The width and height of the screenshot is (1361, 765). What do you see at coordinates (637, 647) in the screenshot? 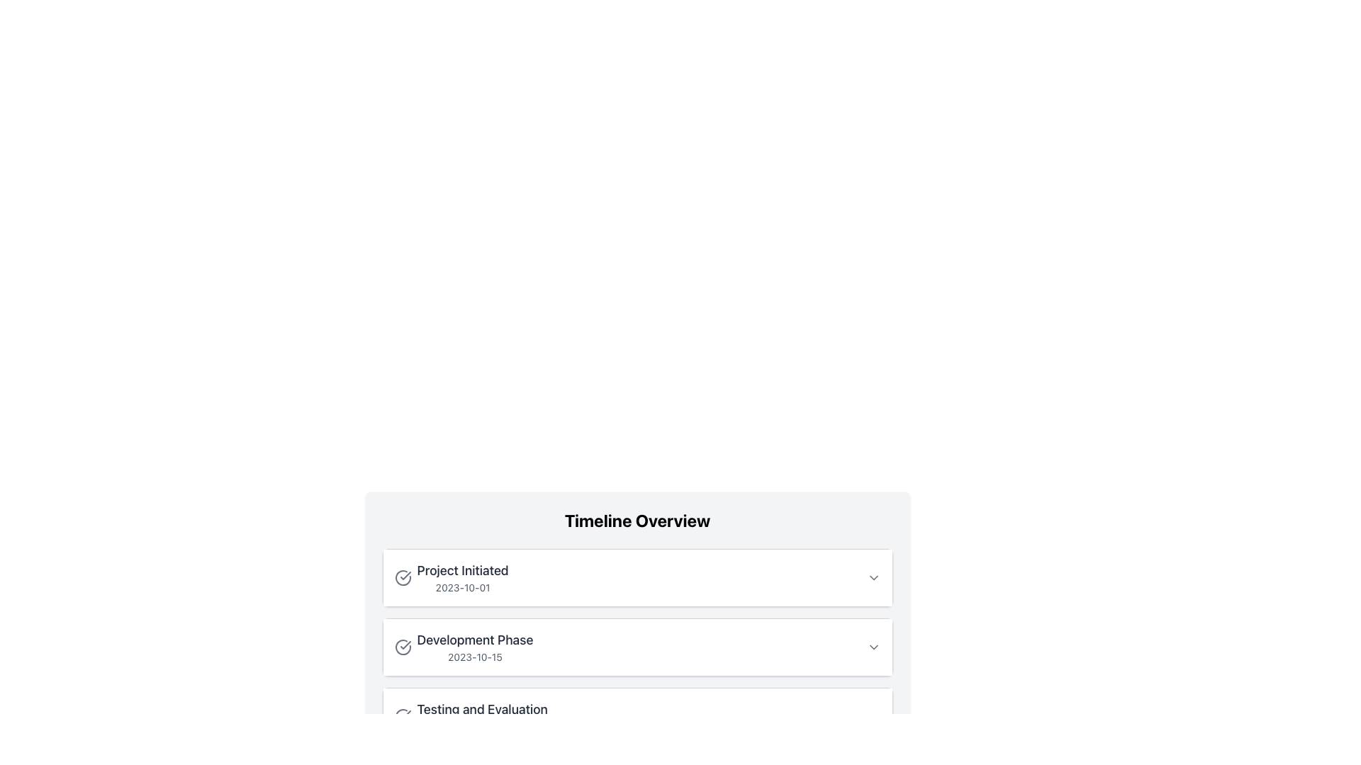
I see `the Interactive List Item labeled 'Development Phase'` at bounding box center [637, 647].